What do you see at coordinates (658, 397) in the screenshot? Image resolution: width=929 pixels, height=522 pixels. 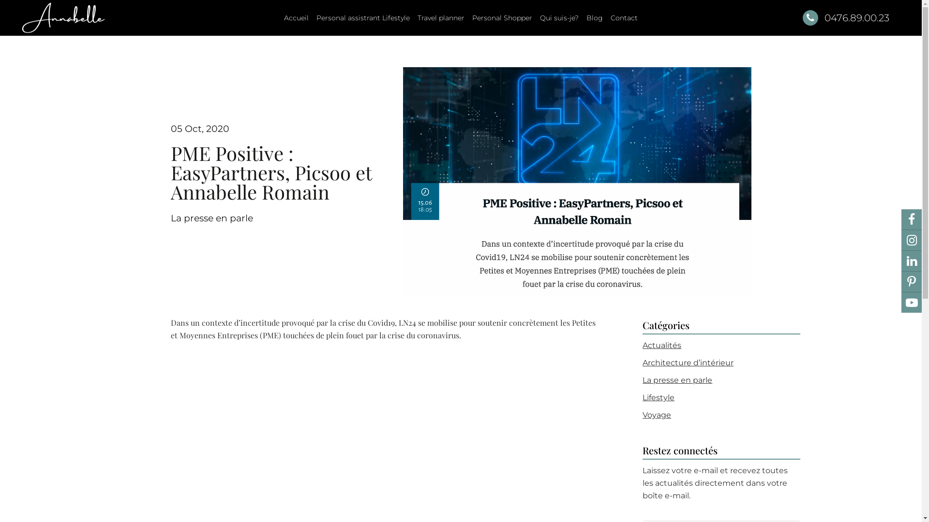 I see `'Lifestyle'` at bounding box center [658, 397].